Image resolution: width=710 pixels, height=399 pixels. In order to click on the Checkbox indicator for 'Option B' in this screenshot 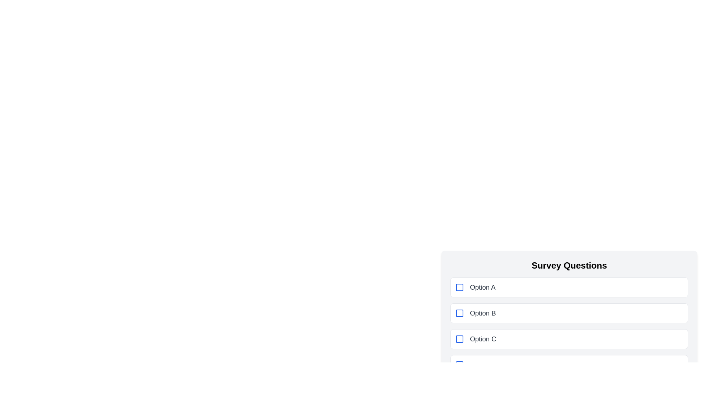, I will do `click(459, 313)`.